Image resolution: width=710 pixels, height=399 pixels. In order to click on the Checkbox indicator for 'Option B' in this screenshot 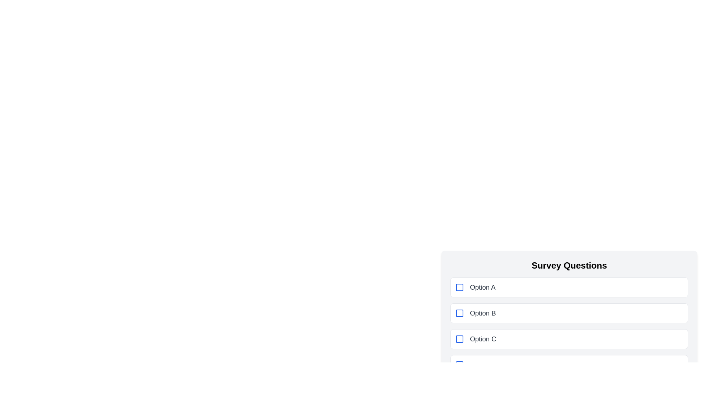, I will do `click(459, 313)`.